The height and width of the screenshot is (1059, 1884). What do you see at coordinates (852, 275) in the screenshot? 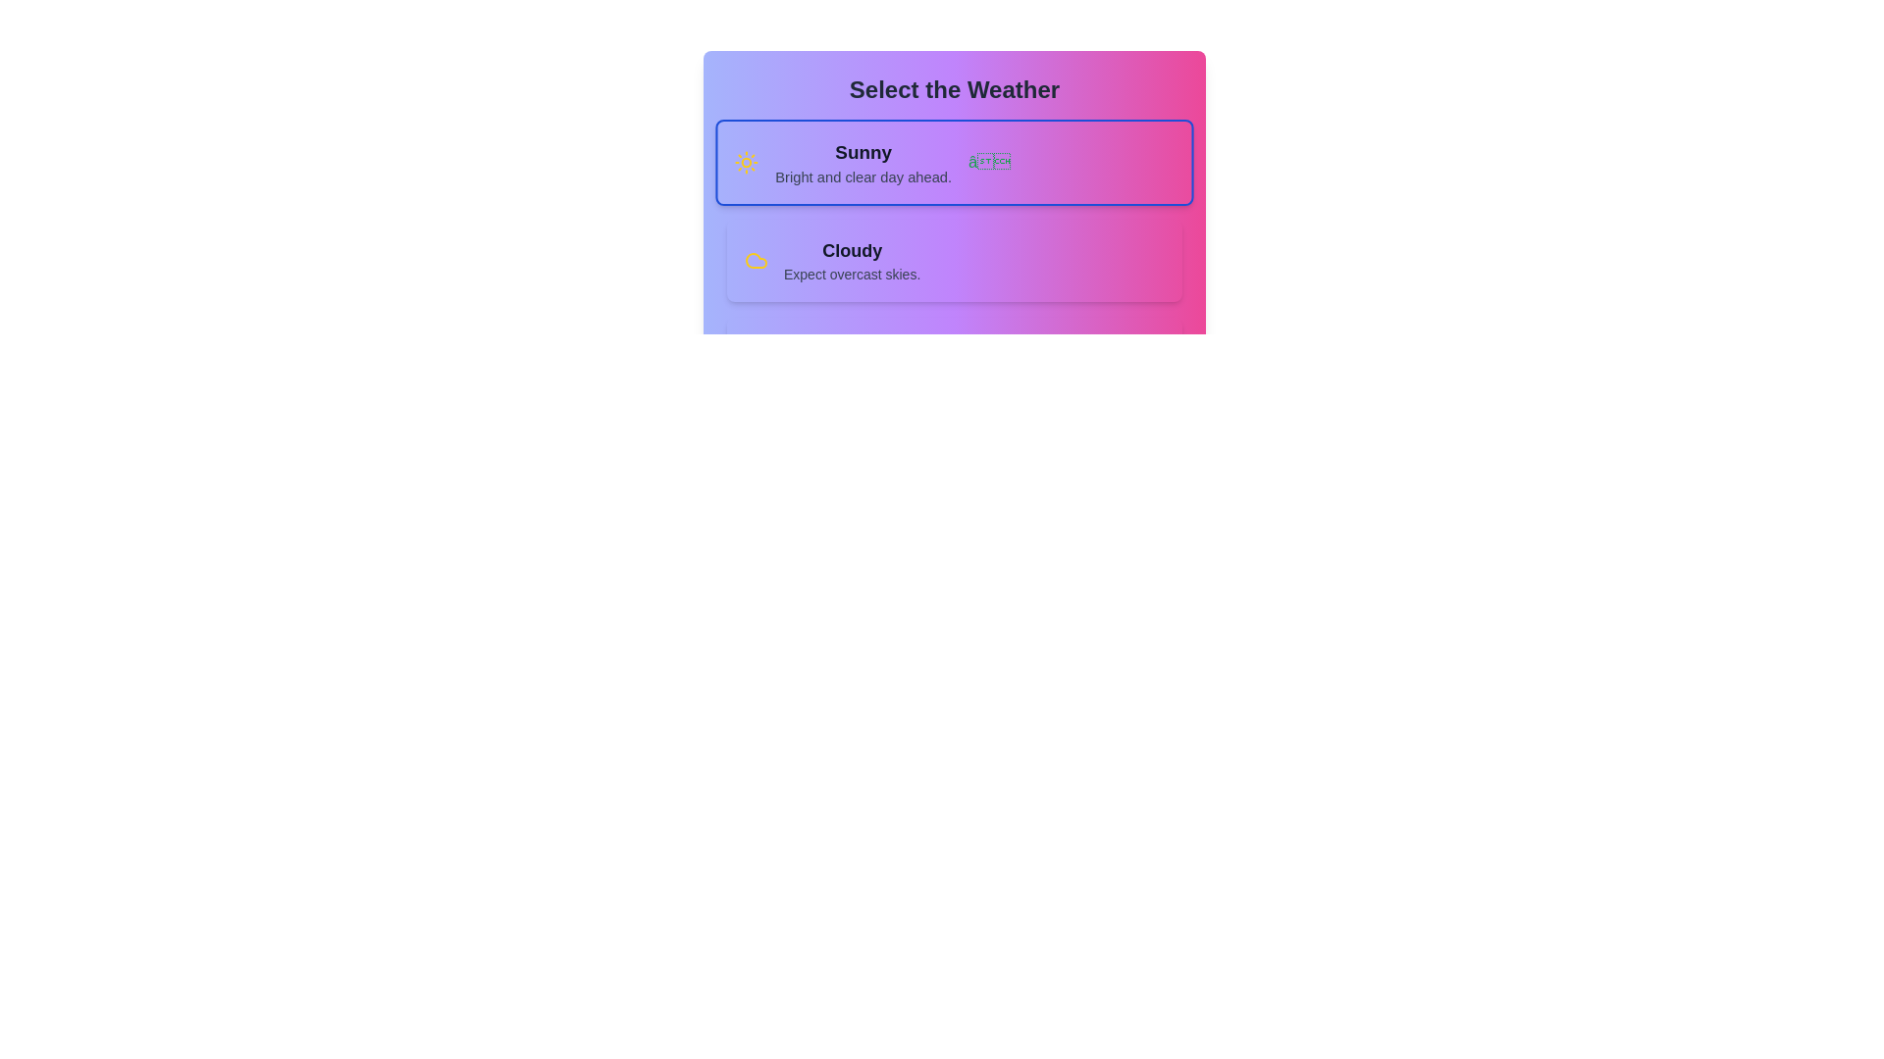
I see `text label that says 'Expect overcast skies.' located beneath the bolded header 'Cloudy' in the weather selection interface` at bounding box center [852, 275].